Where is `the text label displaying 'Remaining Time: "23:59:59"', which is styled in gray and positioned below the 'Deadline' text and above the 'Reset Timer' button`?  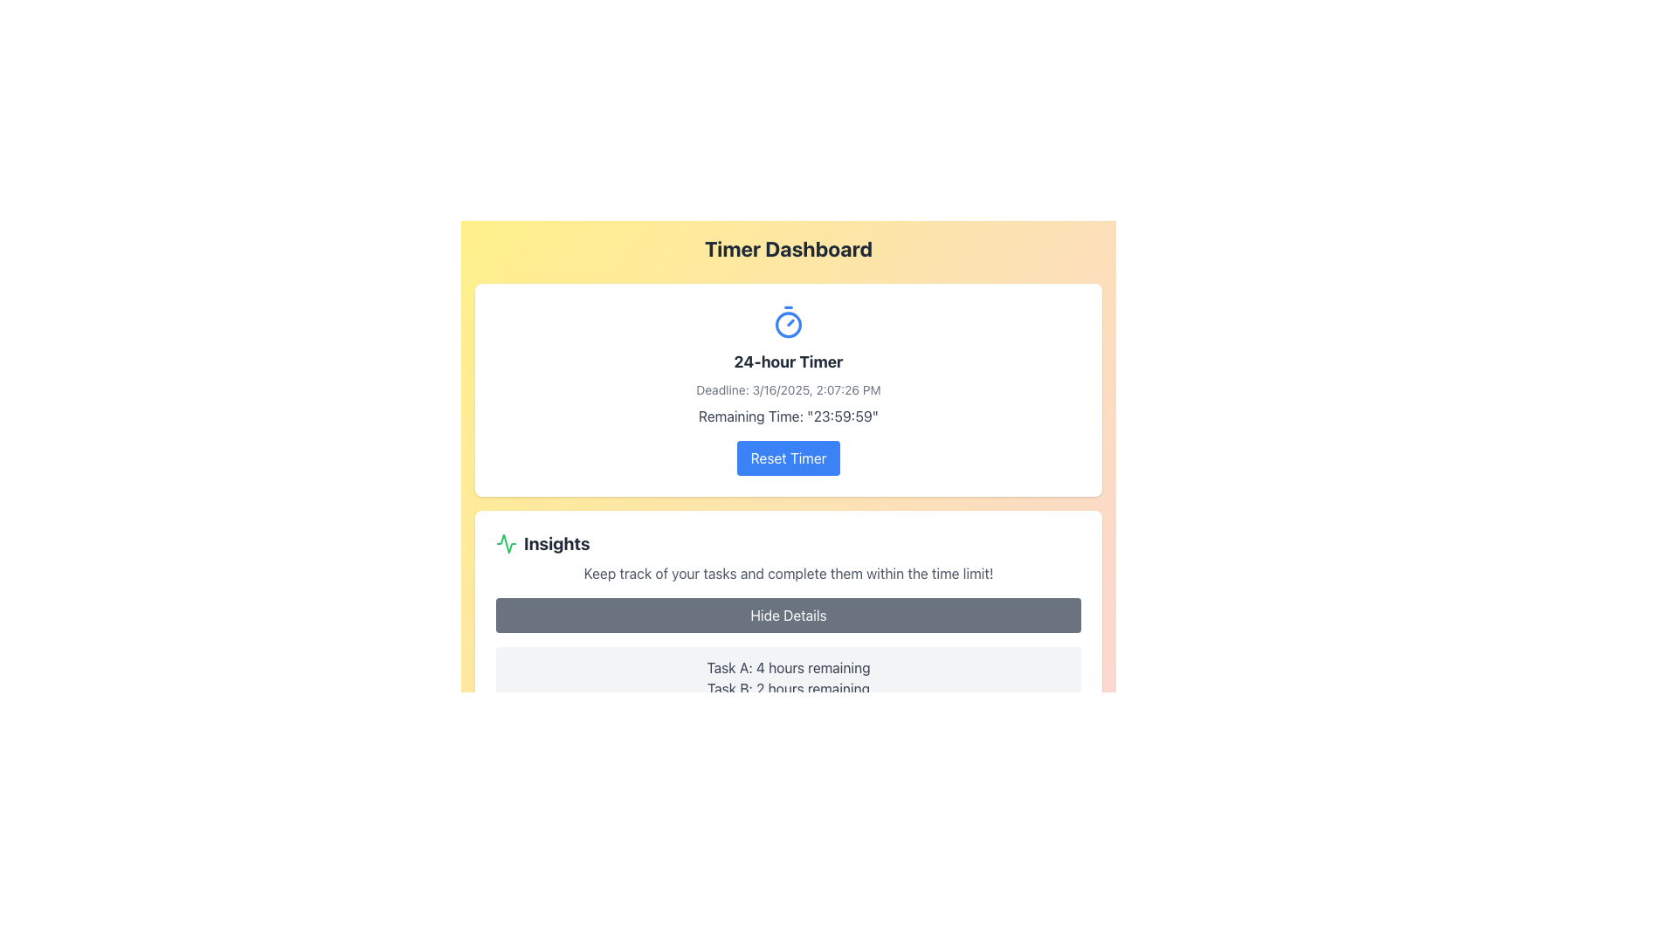 the text label displaying 'Remaining Time: "23:59:59"', which is styled in gray and positioned below the 'Deadline' text and above the 'Reset Timer' button is located at coordinates (787, 416).